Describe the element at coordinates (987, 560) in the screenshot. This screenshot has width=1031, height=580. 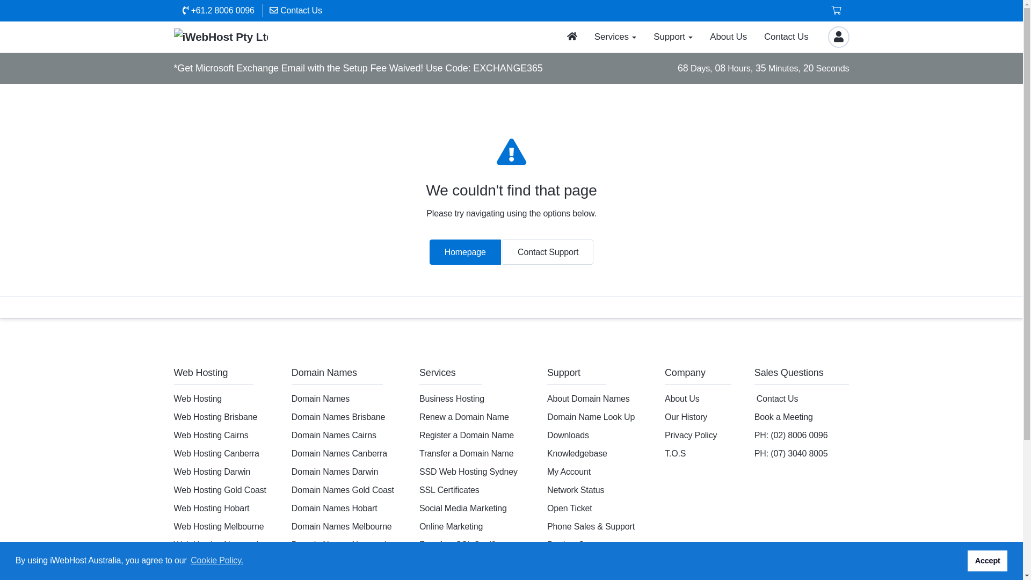
I see `'Accept'` at that location.